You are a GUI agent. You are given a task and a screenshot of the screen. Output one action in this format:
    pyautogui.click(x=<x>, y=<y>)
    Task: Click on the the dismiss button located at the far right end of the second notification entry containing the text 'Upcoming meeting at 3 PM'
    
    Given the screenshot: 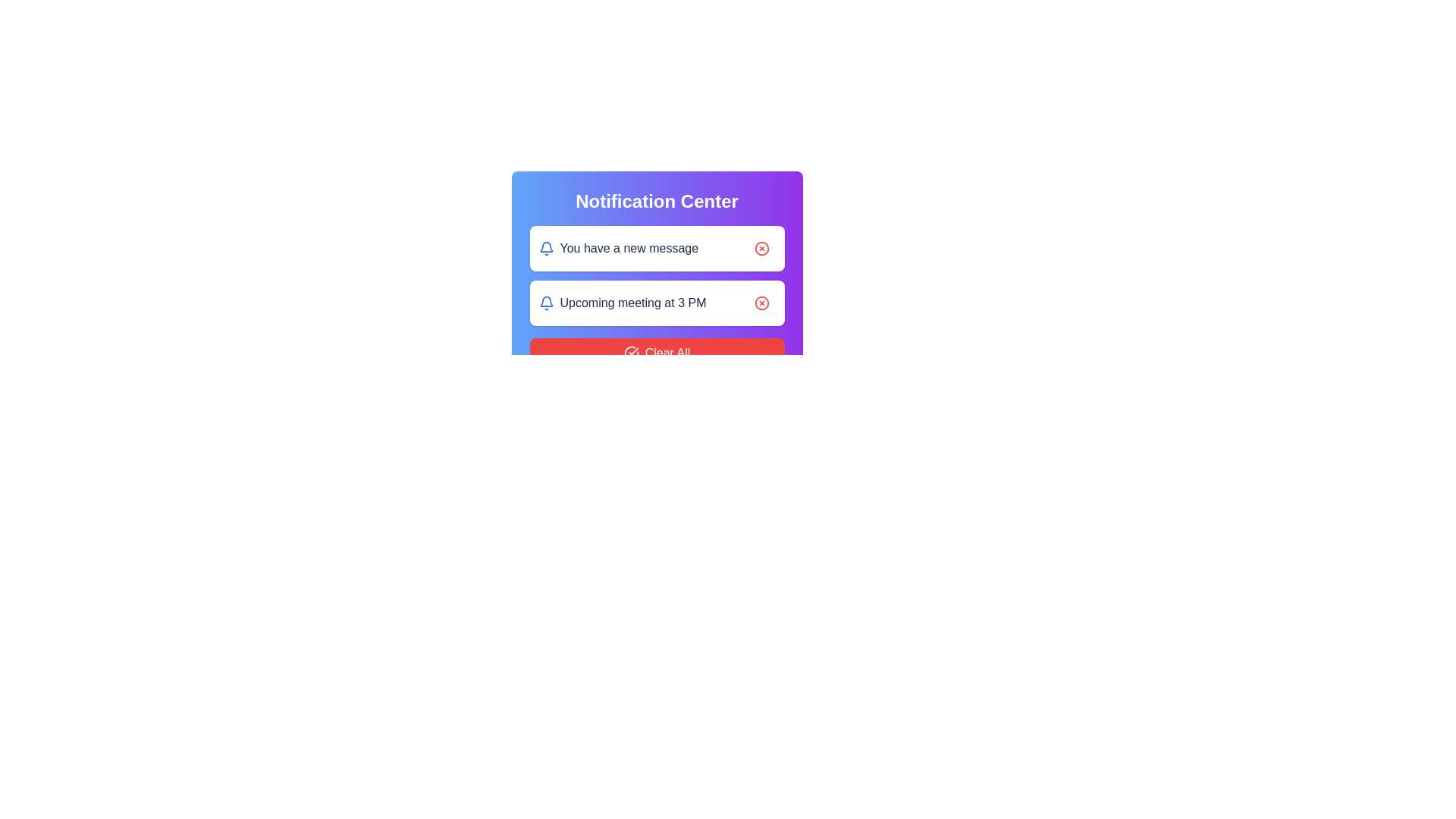 What is the action you would take?
    pyautogui.click(x=761, y=303)
    